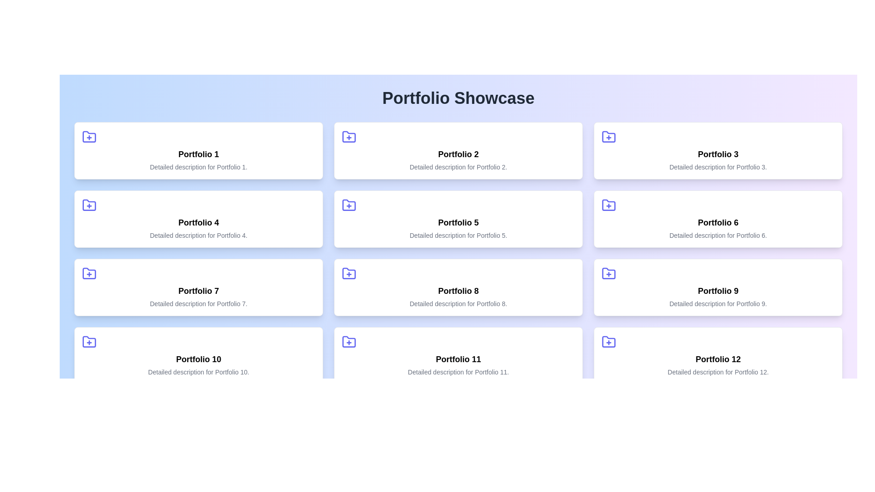 Image resolution: width=875 pixels, height=492 pixels. Describe the element at coordinates (198, 223) in the screenshot. I see `the title text label for the portfolio item that is centrally aligned within the second box of the second row in the grid layout, positioned above the descriptive text` at that location.